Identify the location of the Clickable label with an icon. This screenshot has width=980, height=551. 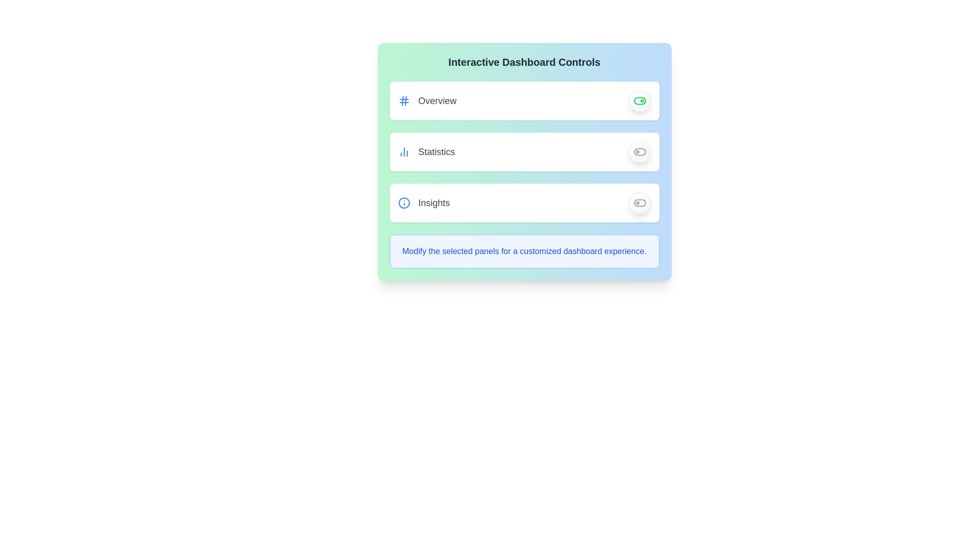
(426, 152).